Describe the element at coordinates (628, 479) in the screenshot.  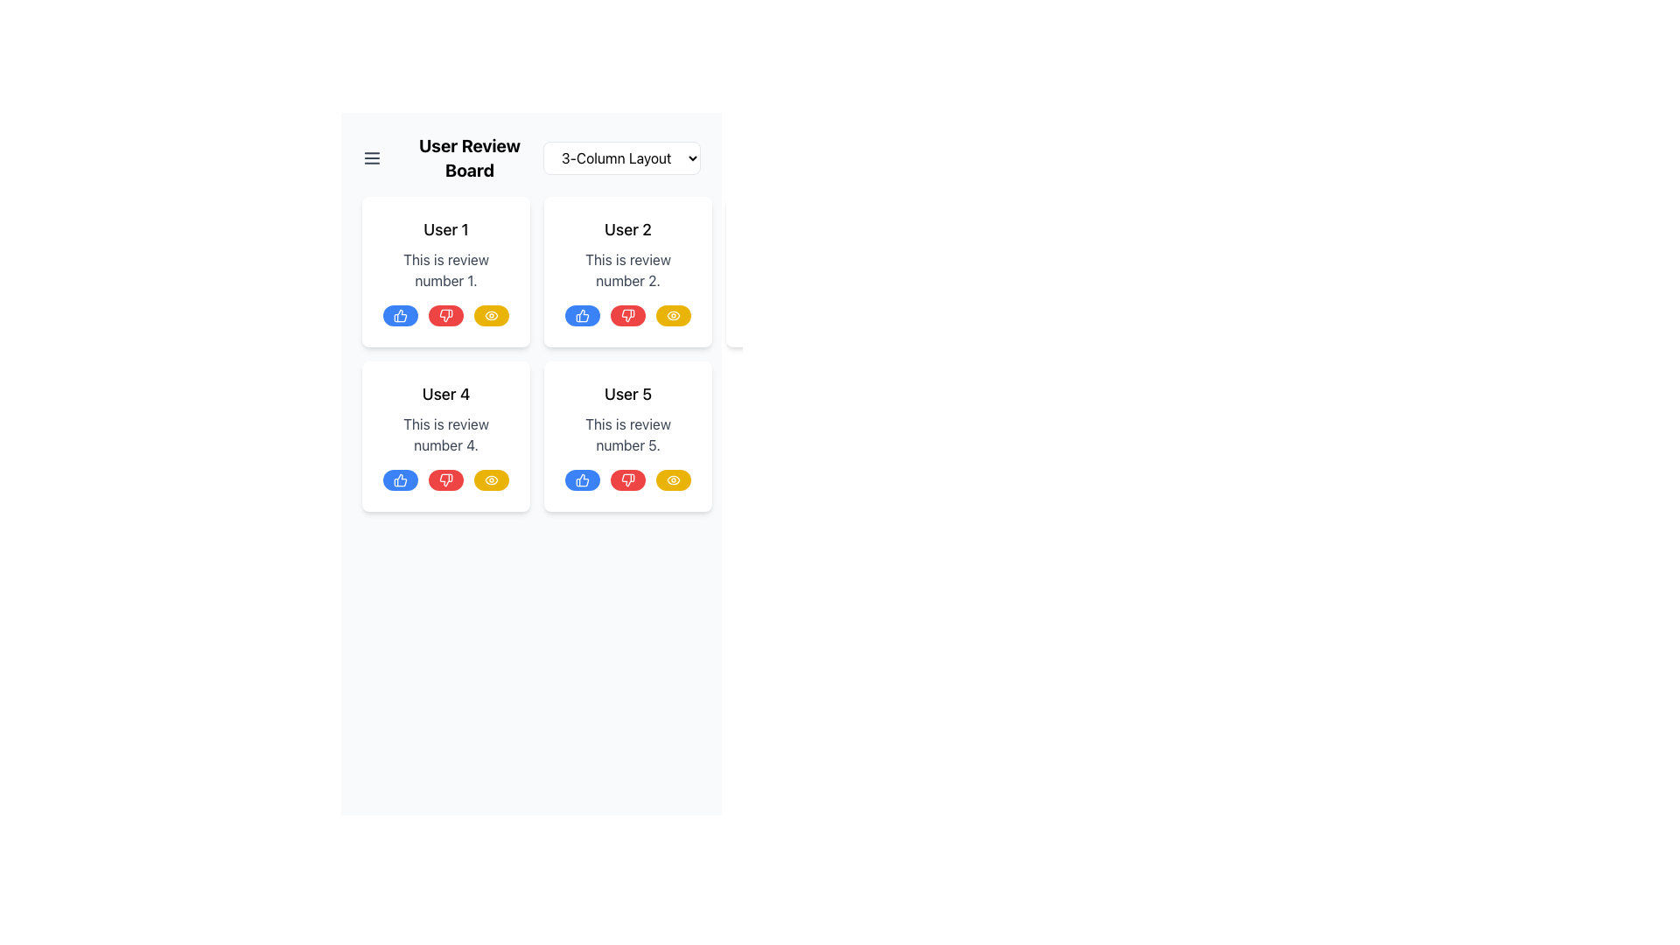
I see `the red 'dislike' icon, which resembles a thumb pointing downward, located in the bottom row of cards for 'User 5', specifically the middle icon among three horizontally aligned buttons` at that location.